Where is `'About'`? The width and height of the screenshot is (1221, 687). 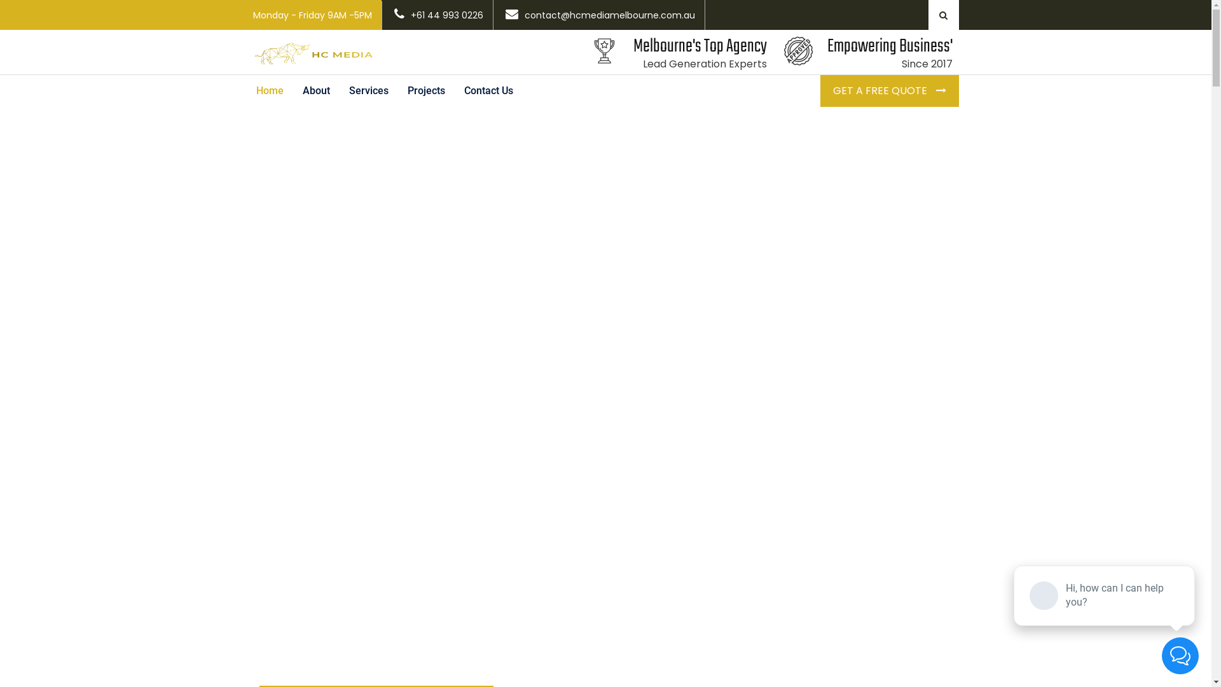 'About' is located at coordinates (315, 90).